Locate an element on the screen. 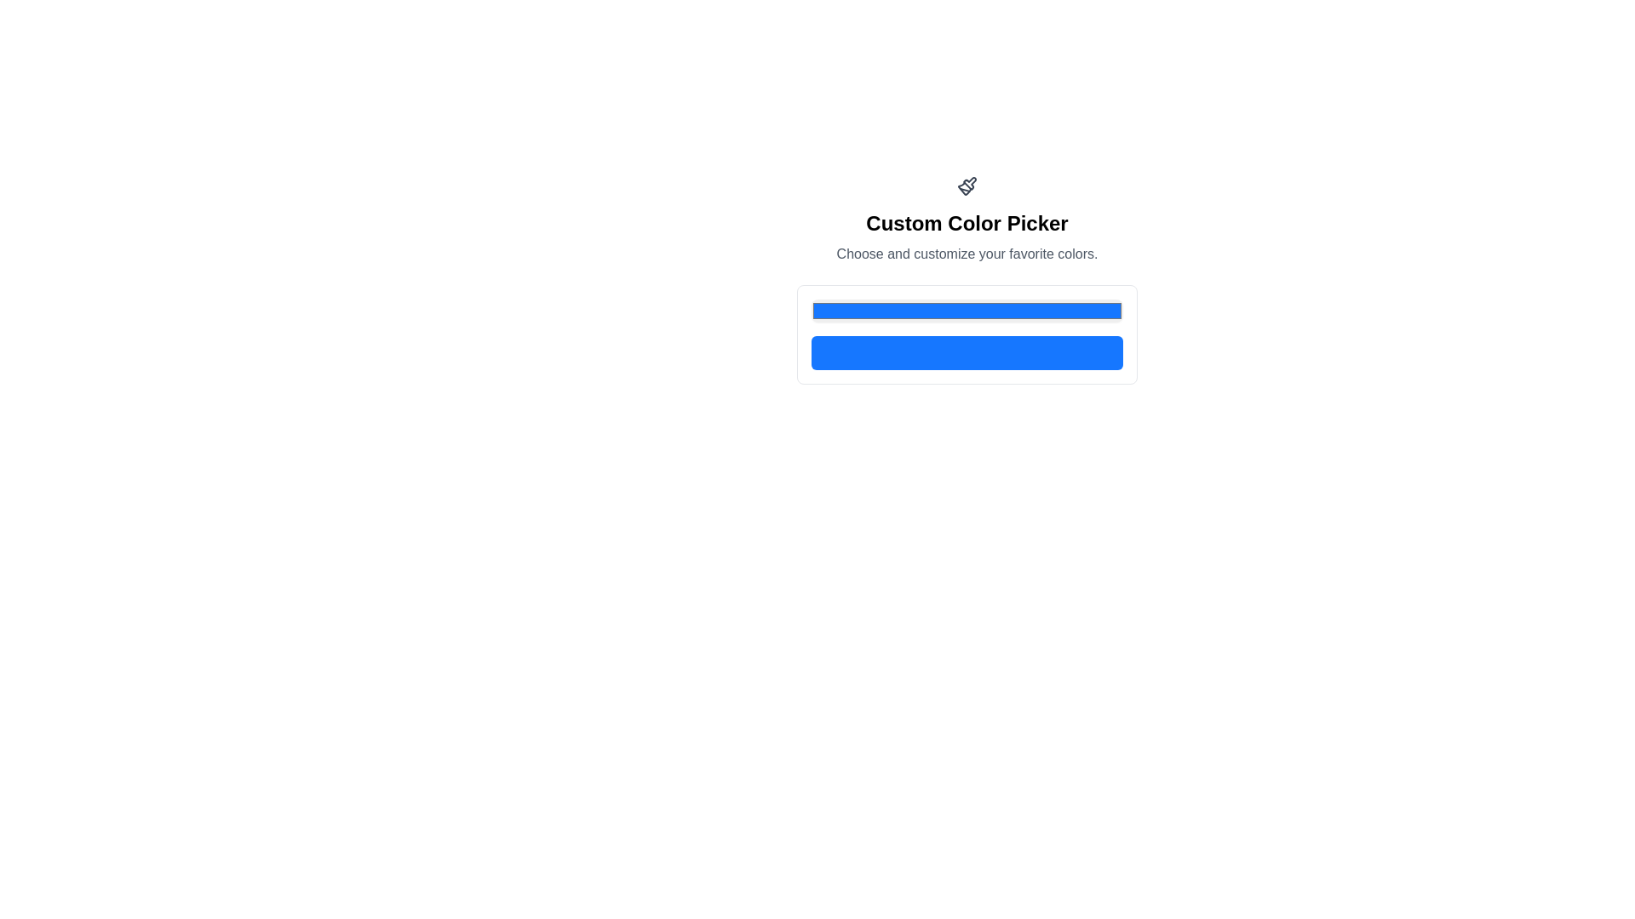 This screenshot has width=1635, height=919. the paintbrush icon located directly above the 'Custom Color Picker' text, which serves as a symbolic header for the customization section is located at coordinates (967, 186).